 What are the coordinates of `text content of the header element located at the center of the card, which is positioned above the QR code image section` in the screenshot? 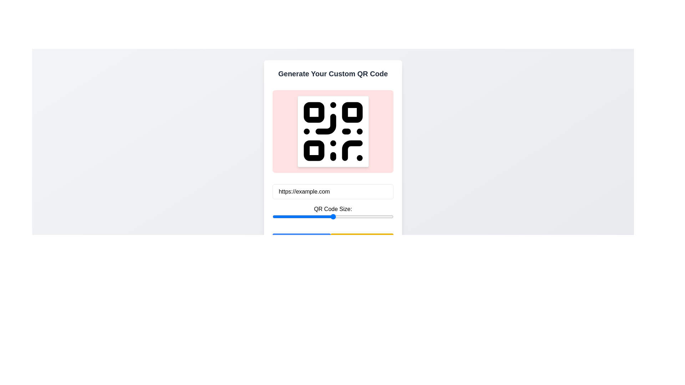 It's located at (333, 74).